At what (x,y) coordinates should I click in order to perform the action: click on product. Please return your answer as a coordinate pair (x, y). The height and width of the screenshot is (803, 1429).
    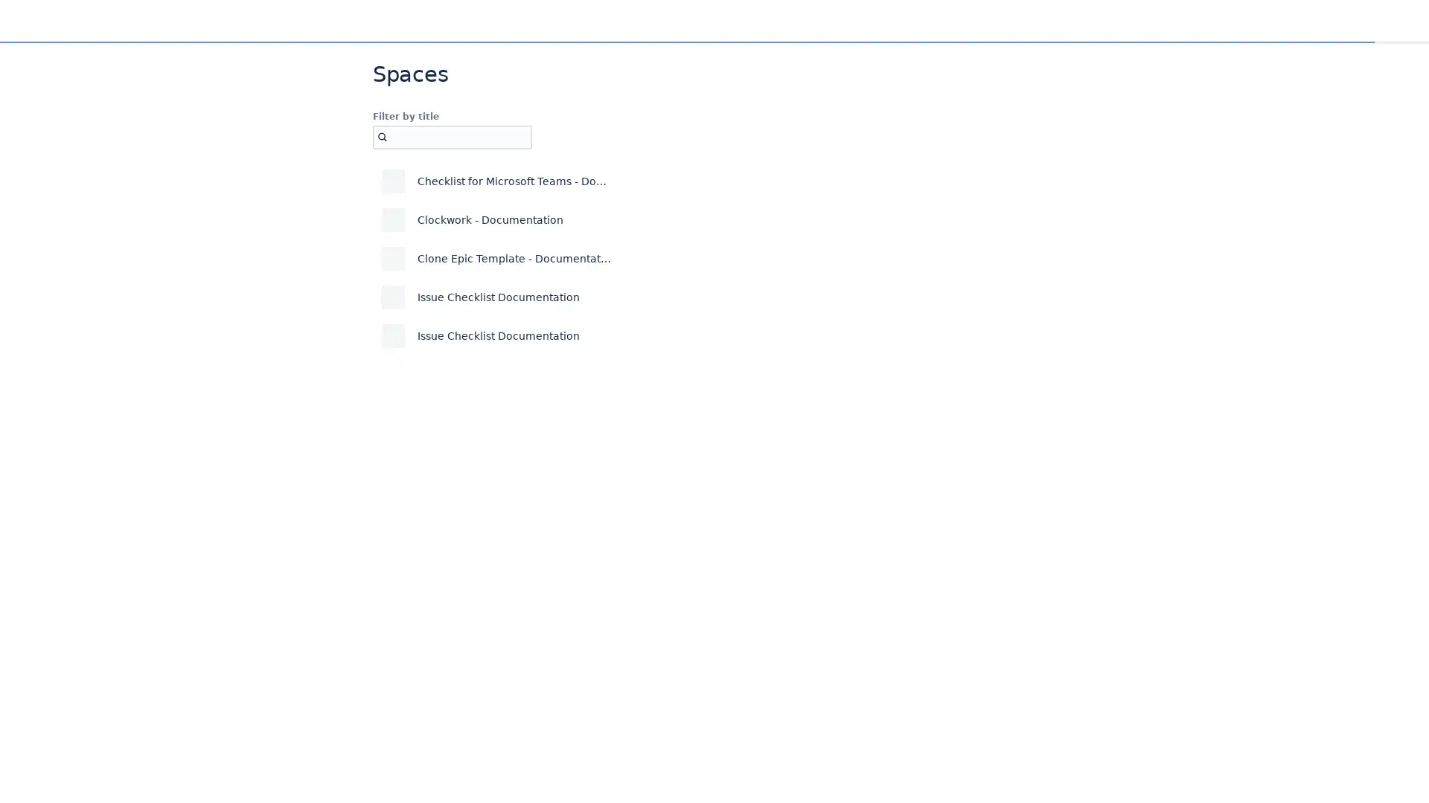
    Looking at the image, I should click on (655, 180).